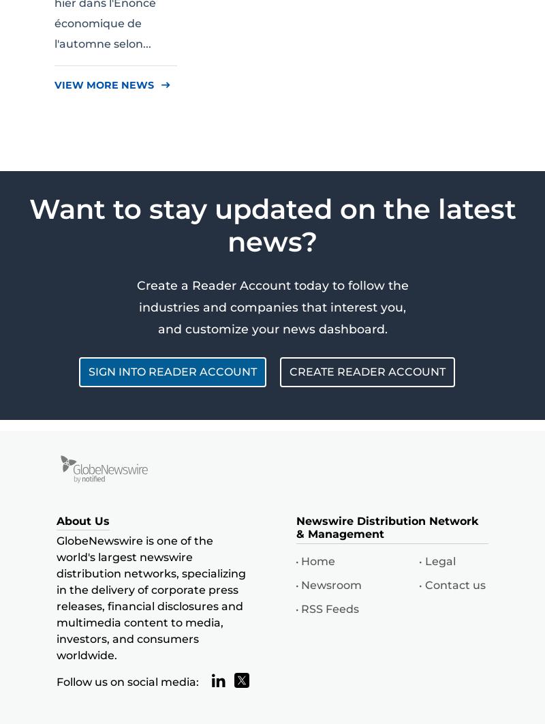  I want to click on 'Home', so click(317, 560).